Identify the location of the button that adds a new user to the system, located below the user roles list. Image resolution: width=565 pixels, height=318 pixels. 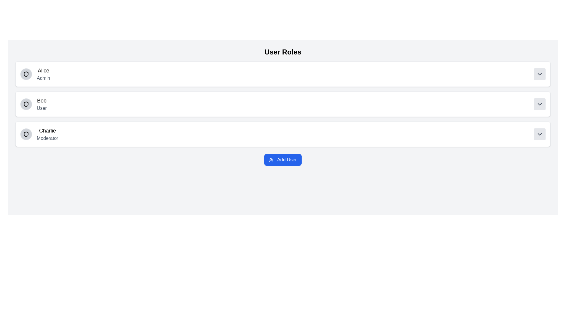
(283, 160).